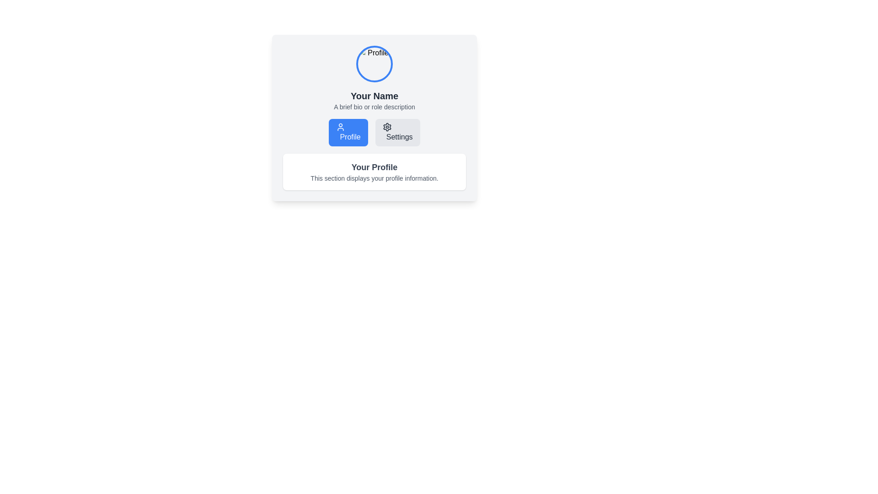 Image resolution: width=878 pixels, height=494 pixels. Describe the element at coordinates (375, 107) in the screenshot. I see `the informational text display located directly below the 'Your Name' title, which provides additional context and is centrally aligned` at that location.